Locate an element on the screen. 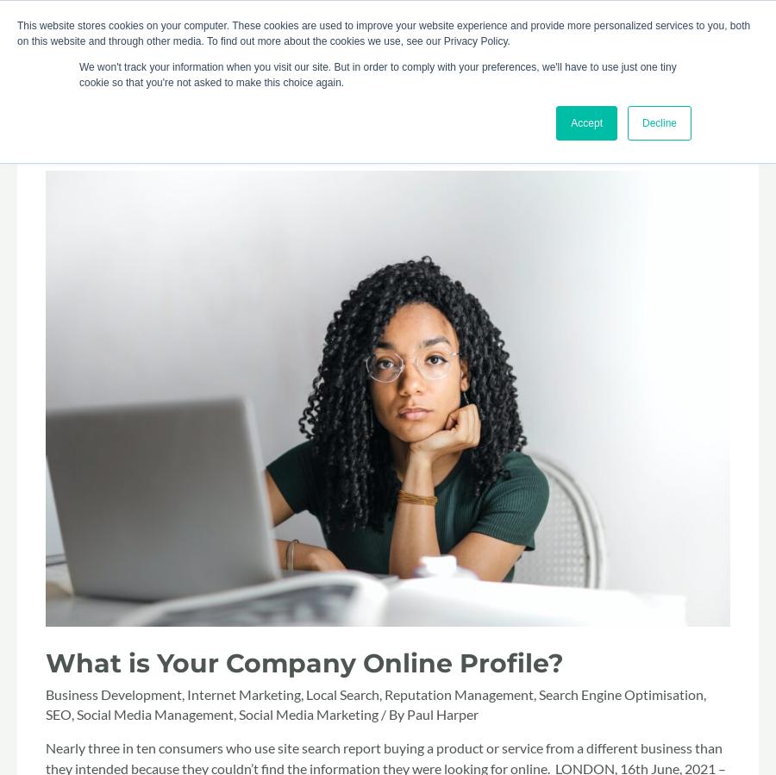 The image size is (776, 775). 'Paul Harper' is located at coordinates (441, 713).